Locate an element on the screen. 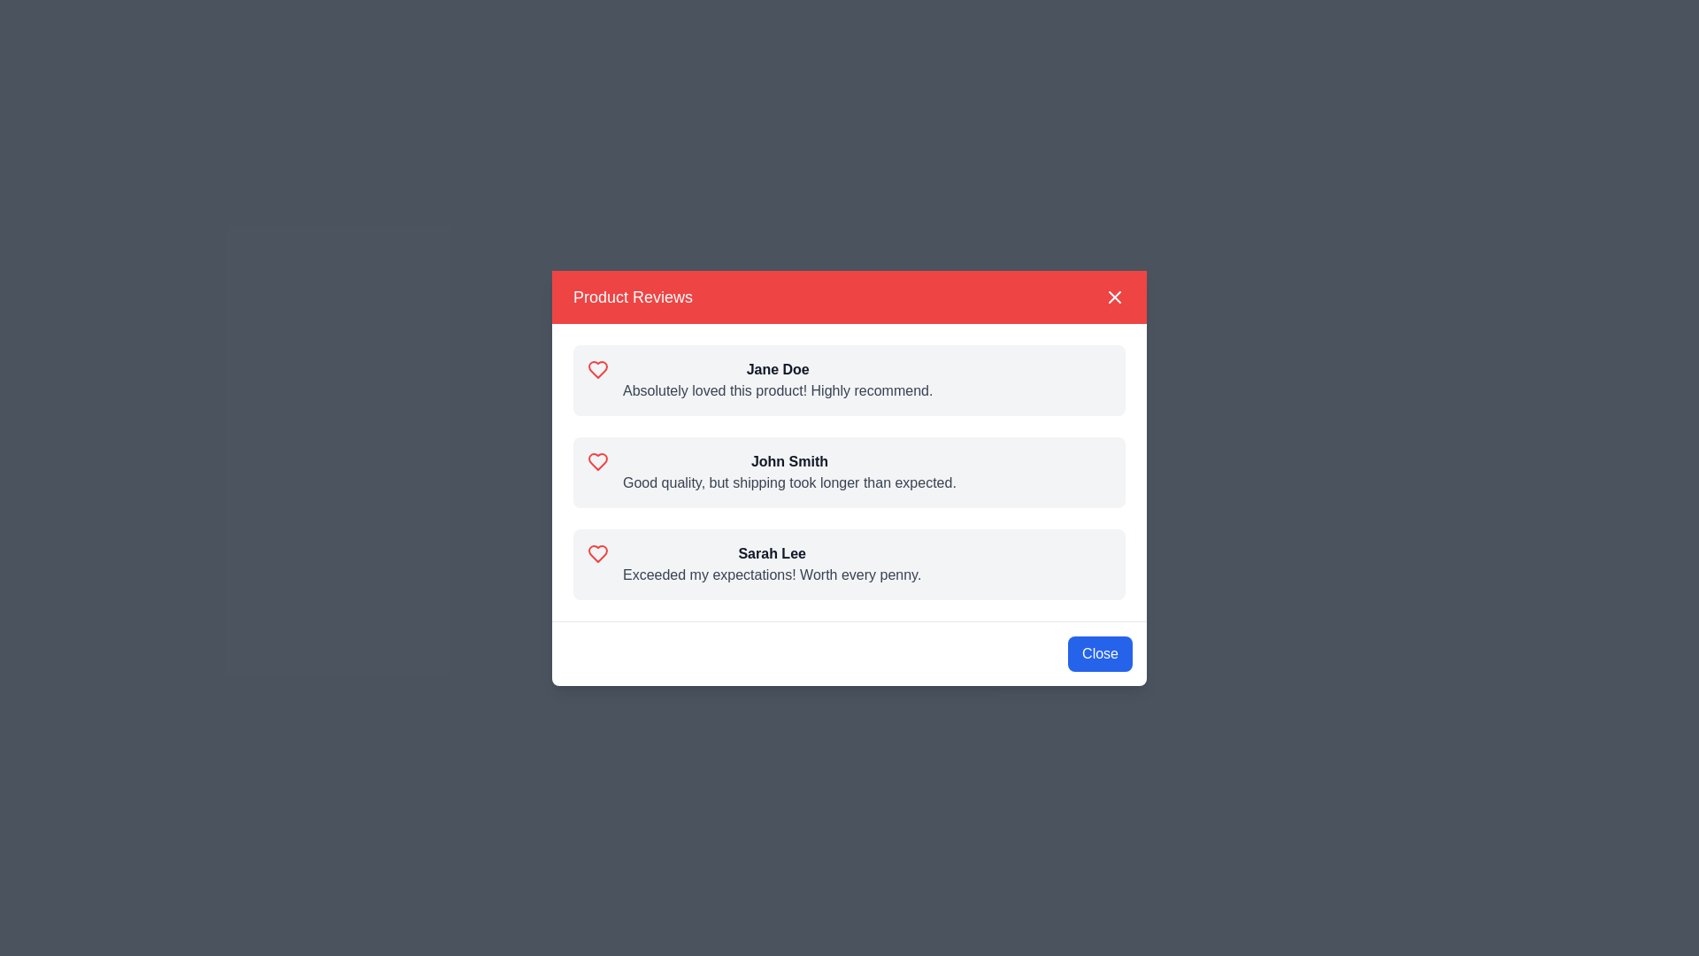 The height and width of the screenshot is (956, 1699). the heart icon next to the review by Jane Doe is located at coordinates (598, 368).